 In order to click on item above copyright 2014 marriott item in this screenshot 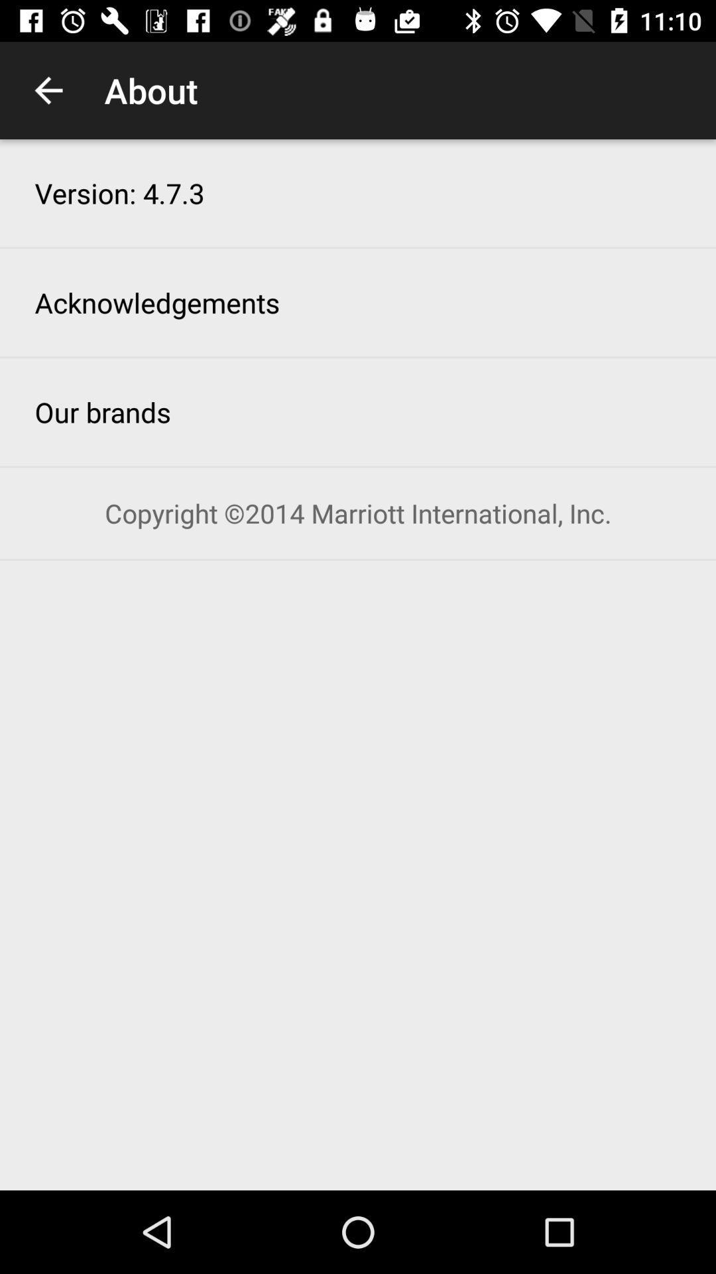, I will do `click(102, 411)`.